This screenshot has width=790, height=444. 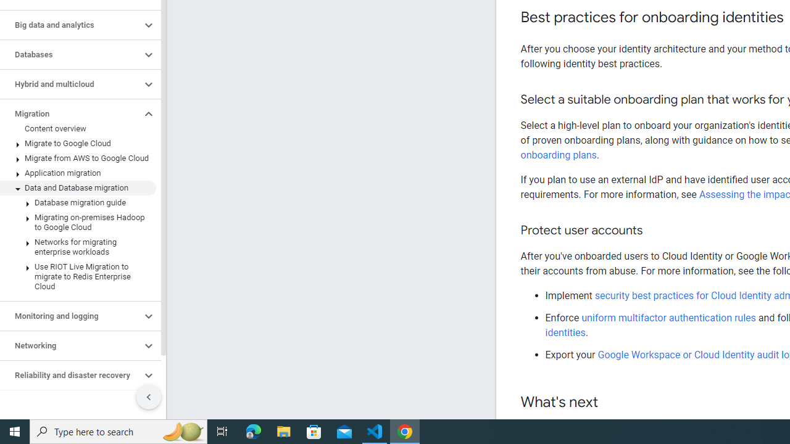 I want to click on 'uniform multifactor authentication rules ', so click(x=669, y=317).